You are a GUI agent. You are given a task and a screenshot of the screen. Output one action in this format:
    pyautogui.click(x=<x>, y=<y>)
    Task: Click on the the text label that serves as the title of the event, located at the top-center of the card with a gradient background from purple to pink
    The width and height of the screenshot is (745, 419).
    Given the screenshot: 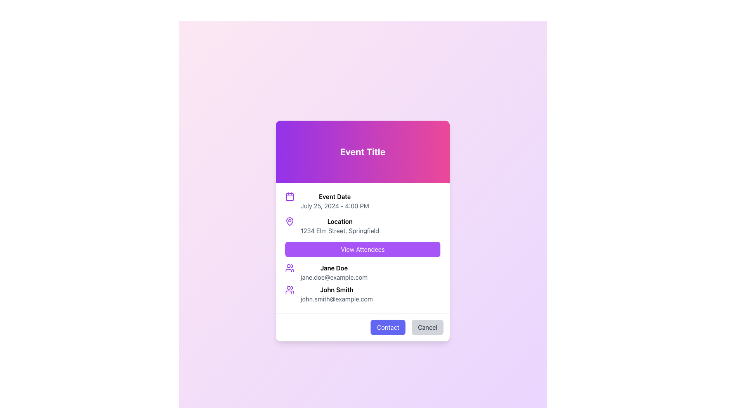 What is the action you would take?
    pyautogui.click(x=362, y=151)
    